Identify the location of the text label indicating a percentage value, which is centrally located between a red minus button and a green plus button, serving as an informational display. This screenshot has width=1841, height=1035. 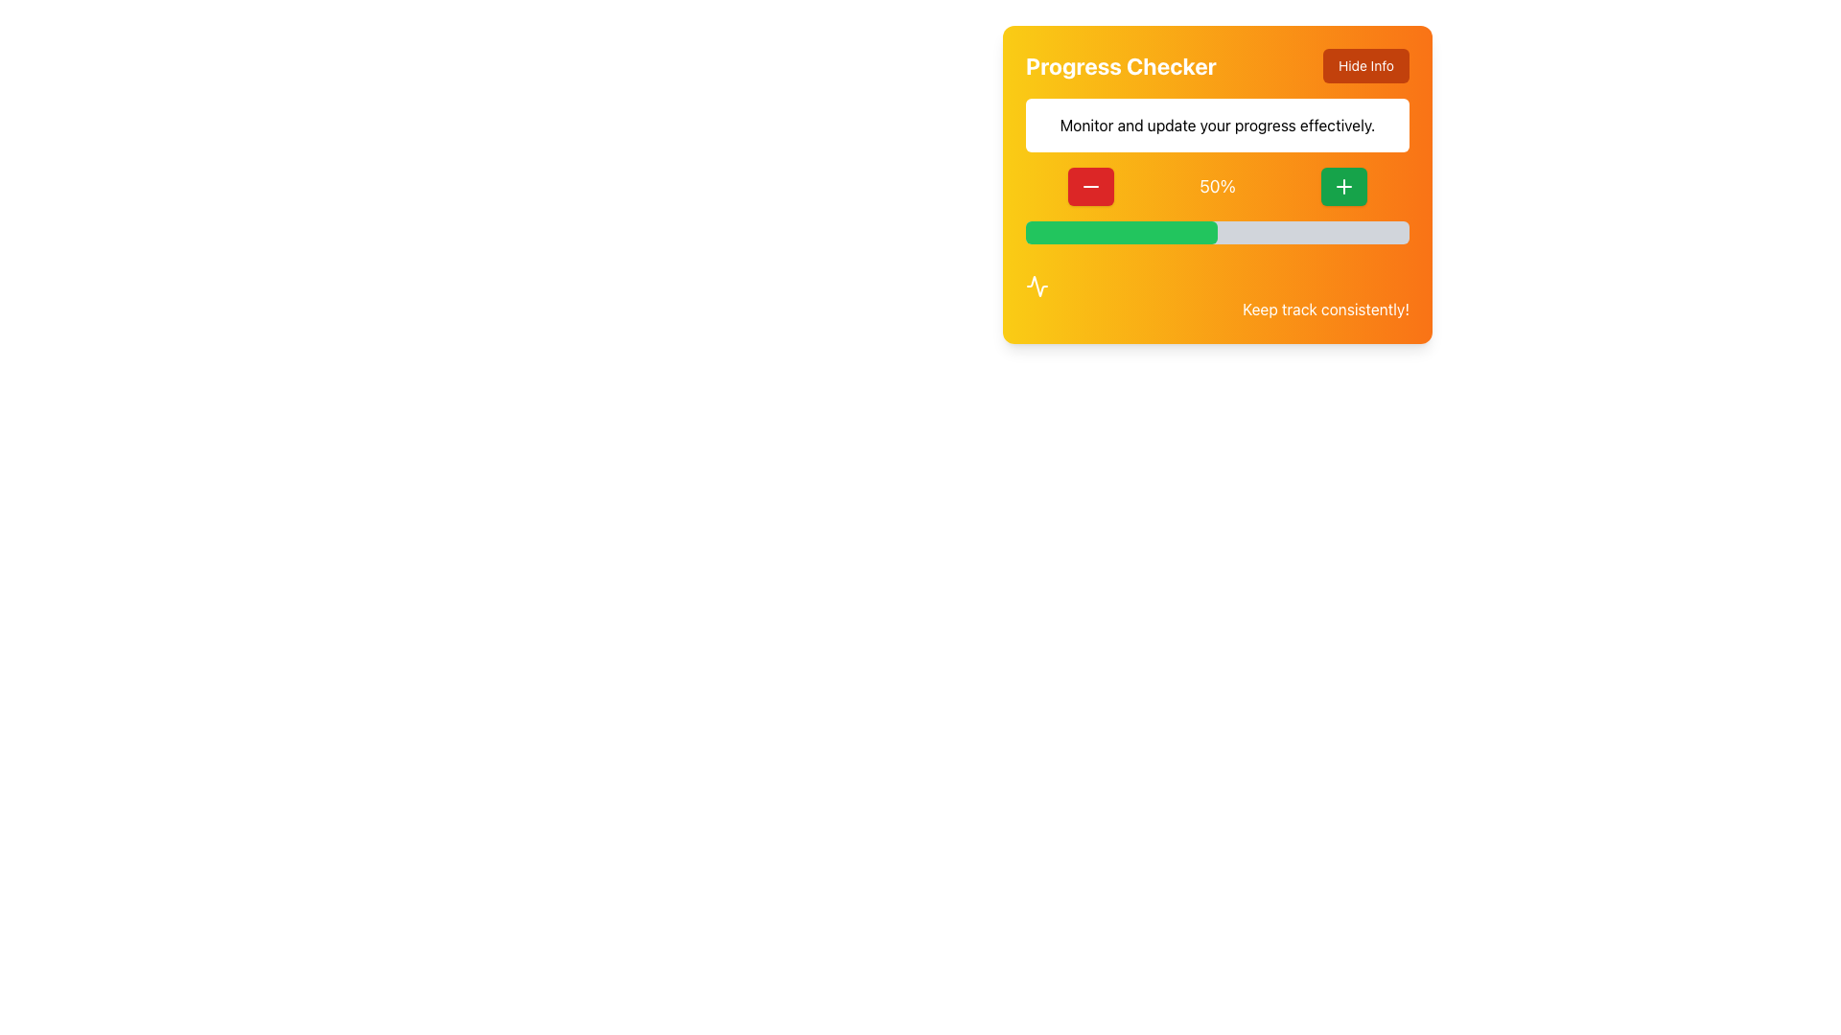
(1216, 187).